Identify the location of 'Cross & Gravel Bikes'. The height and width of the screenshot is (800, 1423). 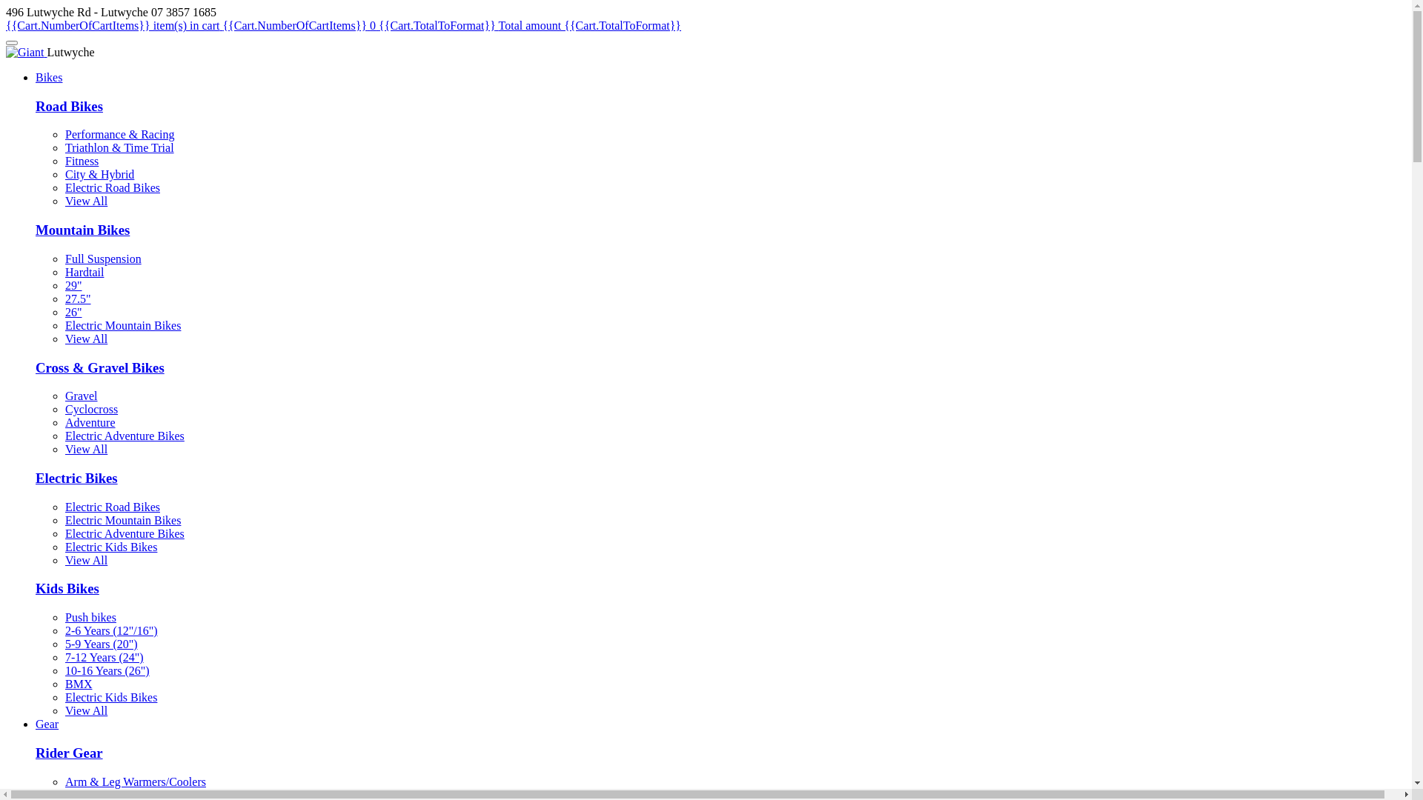
(36, 367).